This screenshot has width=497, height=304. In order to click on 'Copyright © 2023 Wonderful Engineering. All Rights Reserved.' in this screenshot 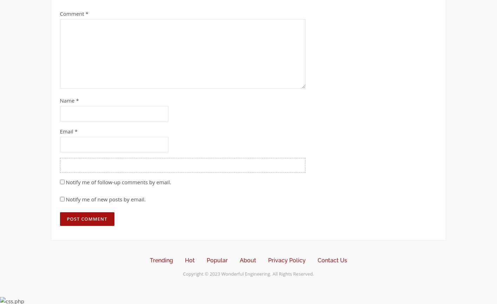, I will do `click(248, 274)`.